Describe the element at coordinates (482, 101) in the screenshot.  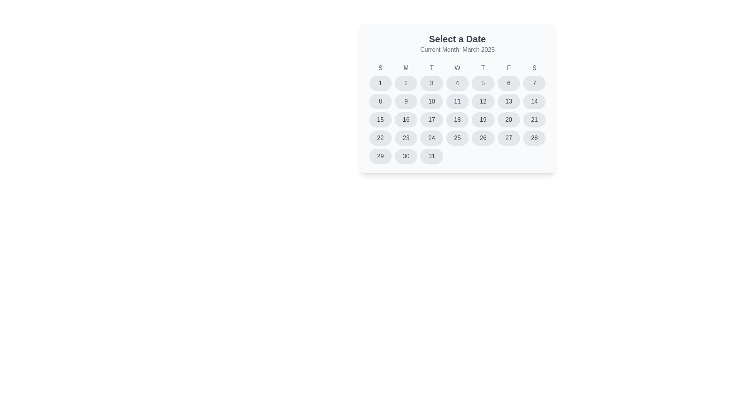
I see `the rounded button displaying the number '12' in the calendar grid` at that location.